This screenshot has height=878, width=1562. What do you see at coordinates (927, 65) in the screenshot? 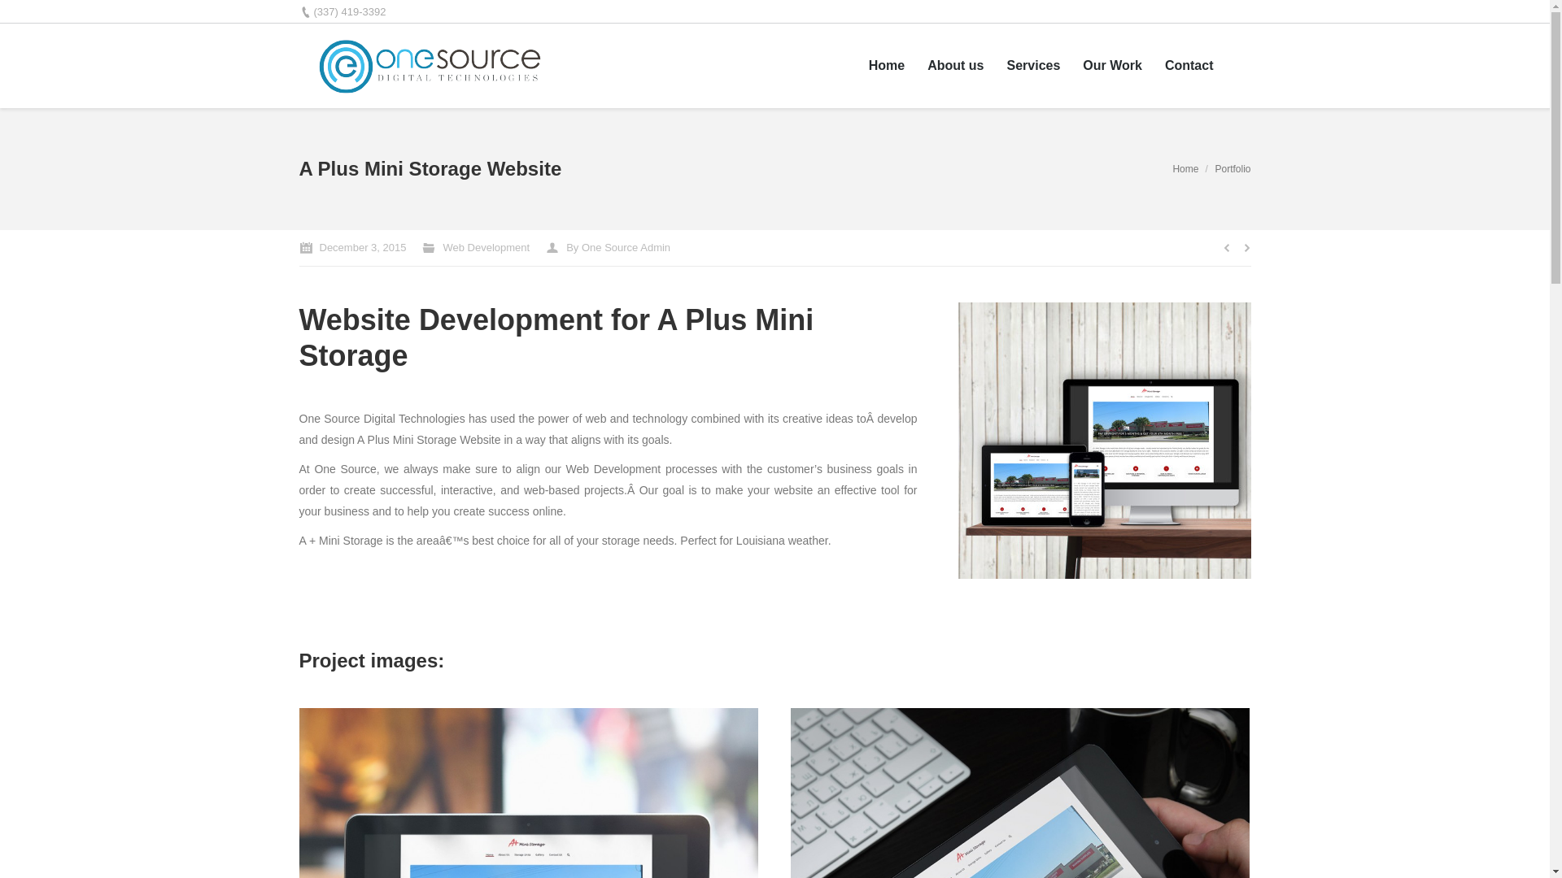
I see `'About us'` at bounding box center [927, 65].